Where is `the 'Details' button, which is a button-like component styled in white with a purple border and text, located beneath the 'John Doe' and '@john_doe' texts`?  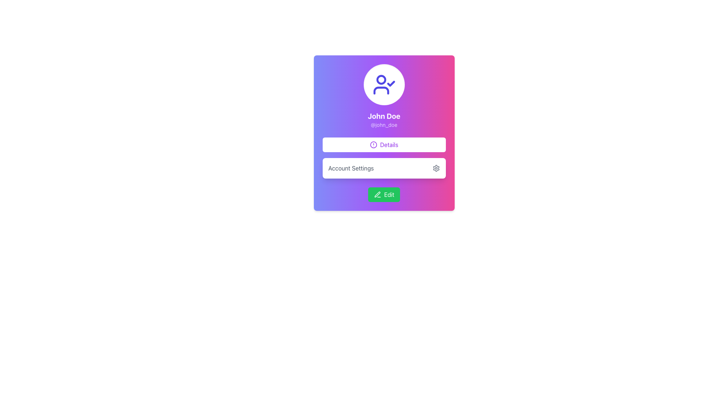
the 'Details' button, which is a button-like component styled in white with a purple border and text, located beneath the 'John Doe' and '@john_doe' texts is located at coordinates (384, 144).